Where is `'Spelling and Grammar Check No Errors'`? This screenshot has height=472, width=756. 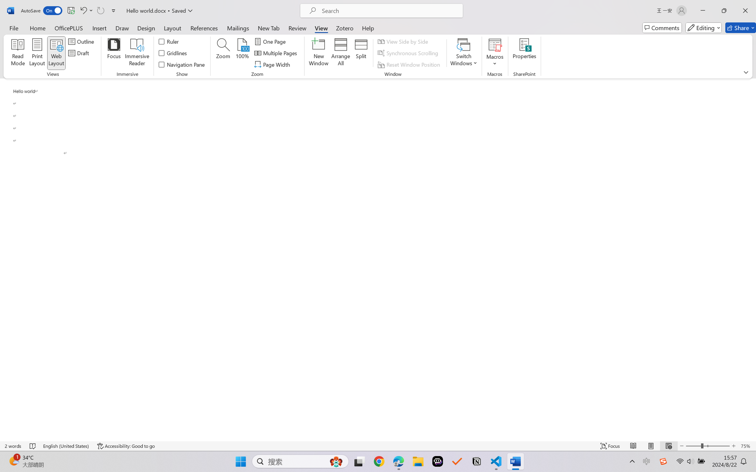
'Spelling and Grammar Check No Errors' is located at coordinates (33, 446).